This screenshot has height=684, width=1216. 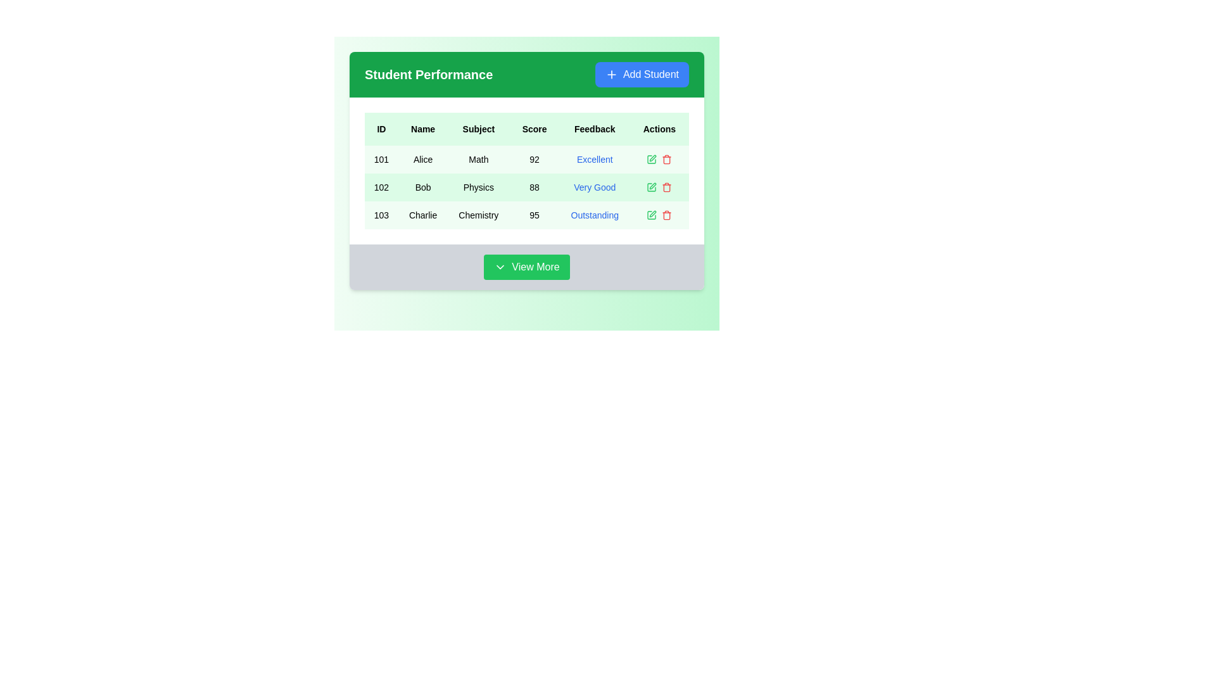 I want to click on text element displaying 'Very Good' in blue color, which signifies feedback in the table labeled 'Student Performance' for the record with ID '102', so click(x=594, y=187).